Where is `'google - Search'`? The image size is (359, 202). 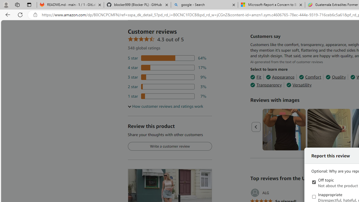
'google - Search' is located at coordinates (204, 5).